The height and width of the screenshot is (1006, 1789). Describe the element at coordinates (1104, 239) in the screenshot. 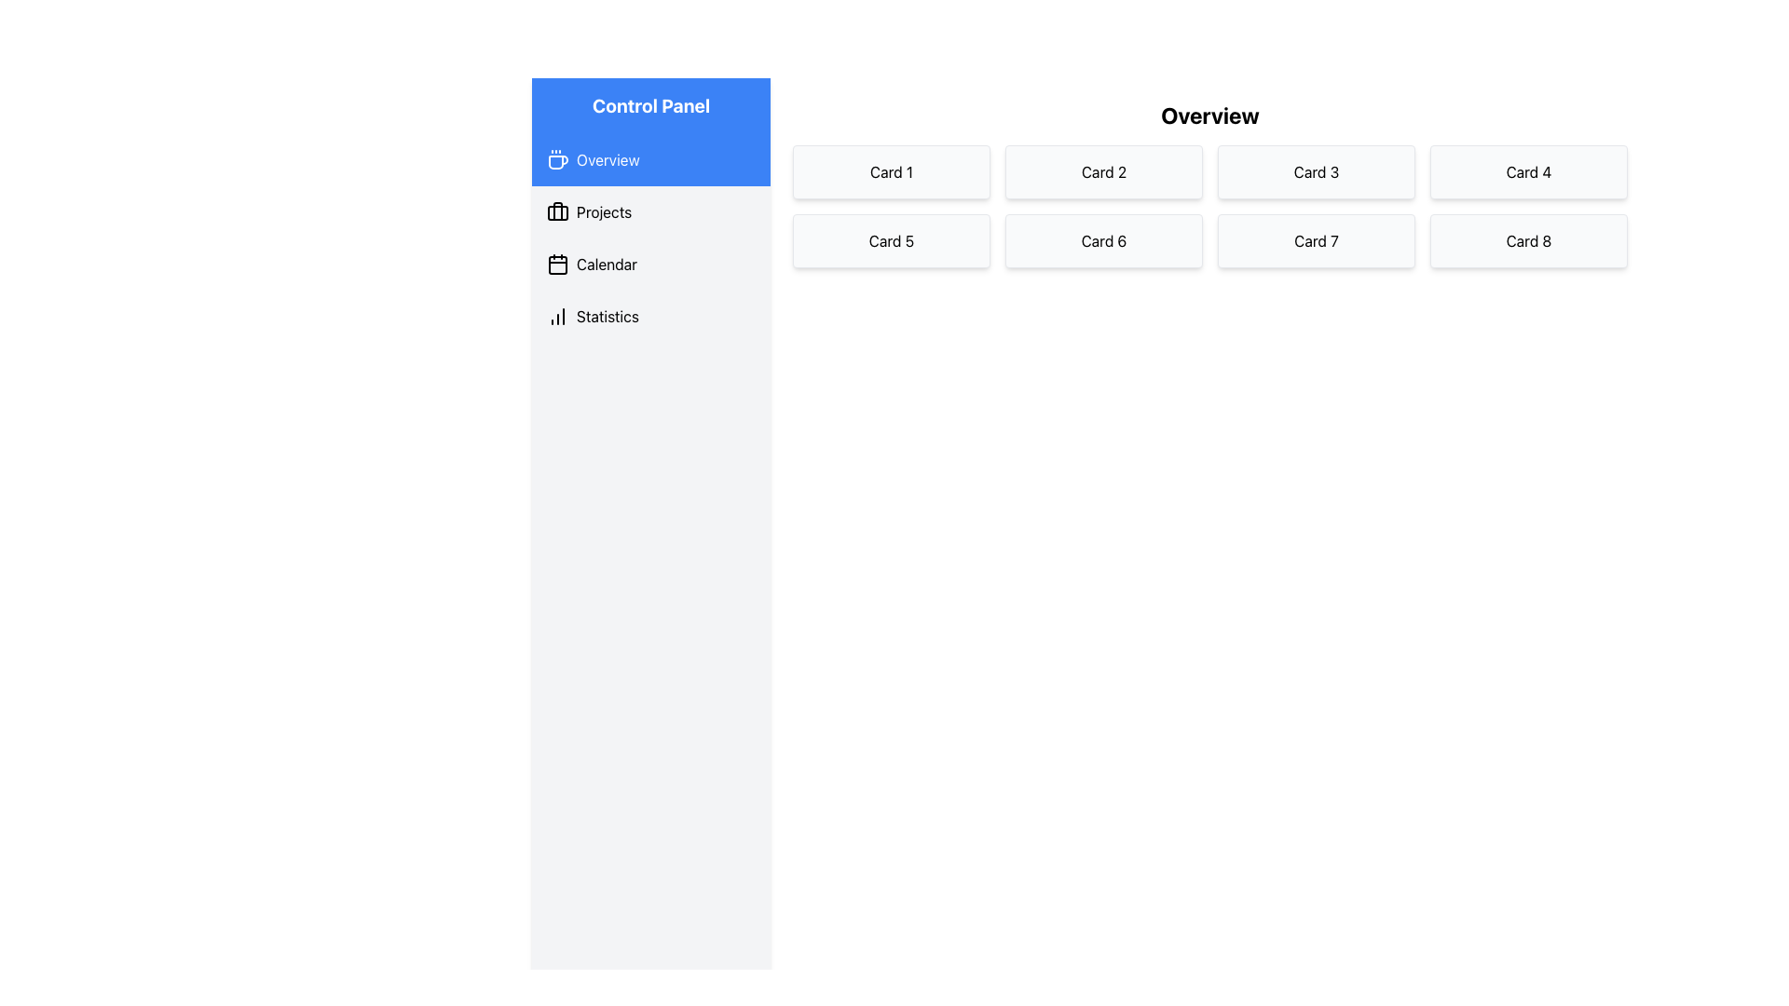

I see `text content of the text label displaying 'Card 6' located in the second row and second column of the grid under the 'Overview' section` at that location.